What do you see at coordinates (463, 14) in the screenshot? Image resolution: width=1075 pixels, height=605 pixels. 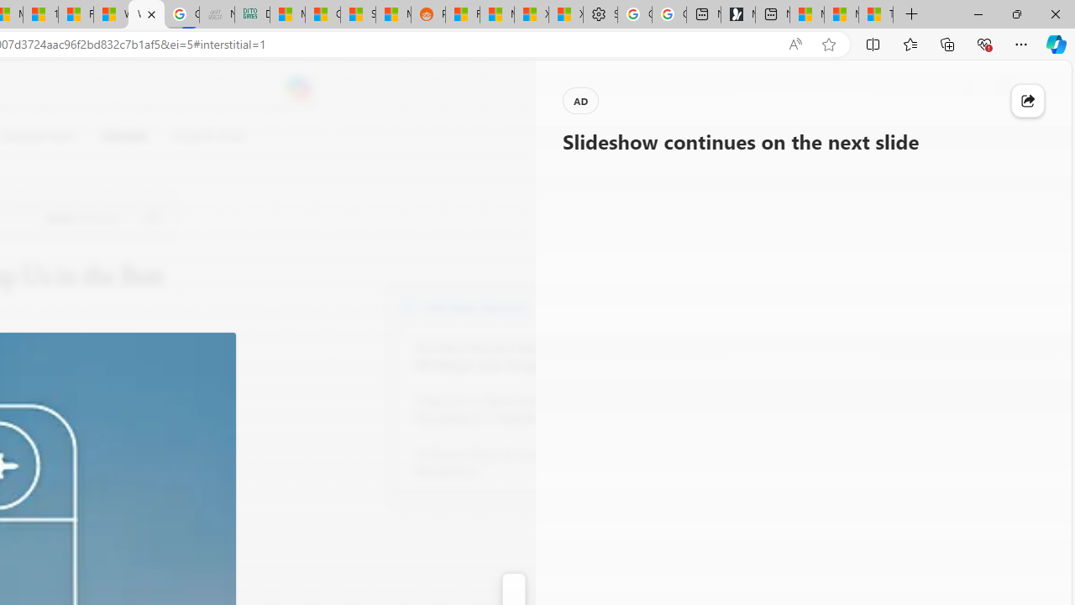 I see `'R******* | Trusted Community Engagement and Contributions'` at bounding box center [463, 14].